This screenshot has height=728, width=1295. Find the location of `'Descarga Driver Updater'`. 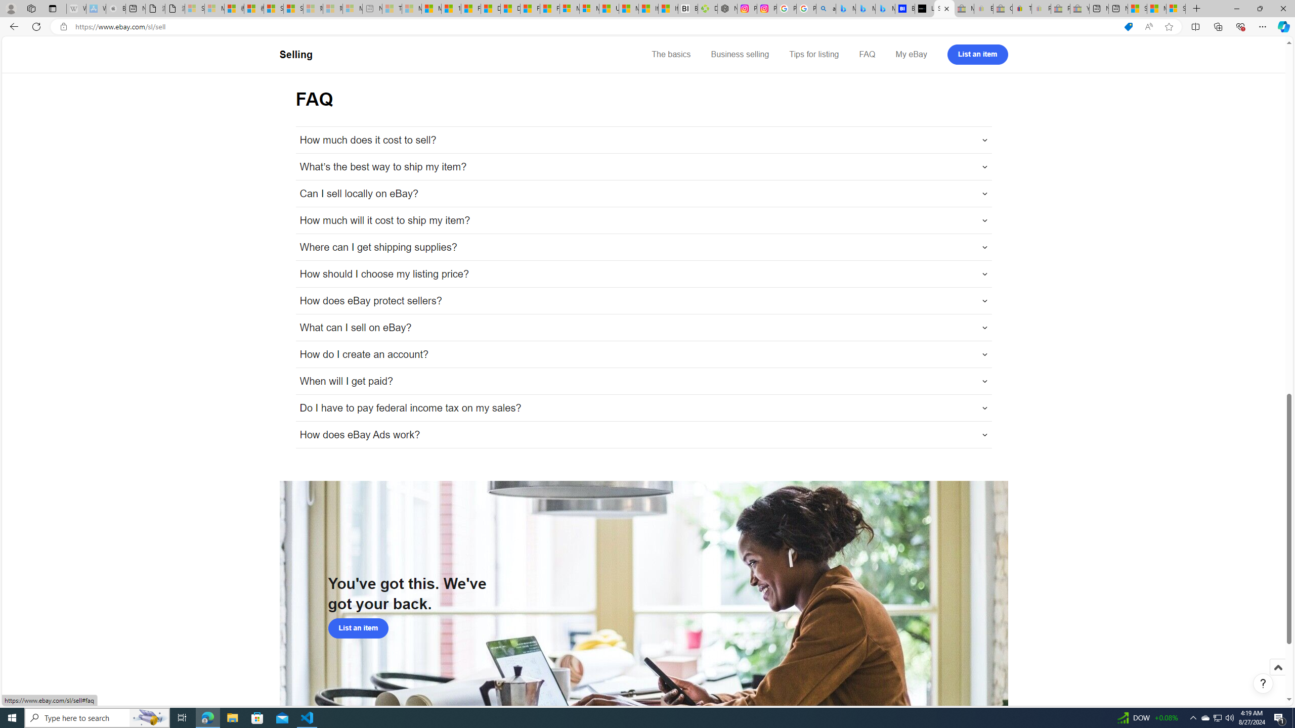

'Descarga Driver Updater' is located at coordinates (707, 8).